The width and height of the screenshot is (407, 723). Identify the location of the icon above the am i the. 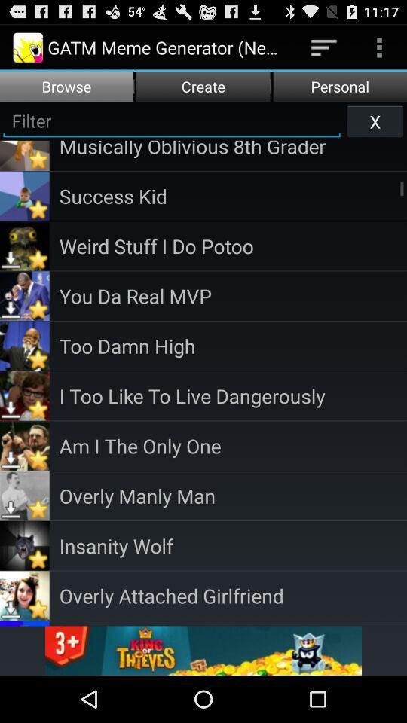
(233, 395).